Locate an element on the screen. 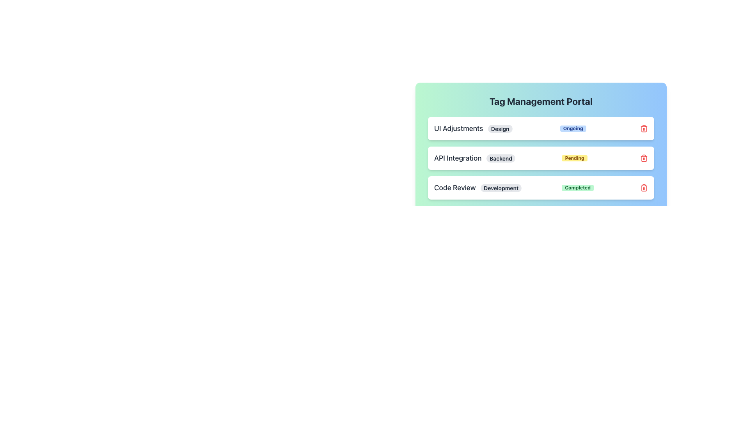 Image resolution: width=749 pixels, height=421 pixels. the tag labeled 'Development' which has a rounded shape, light gray background, and bold black text, located between 'Code Review' and 'Completed' in the 'Tag Management Portal' is located at coordinates (501, 188).